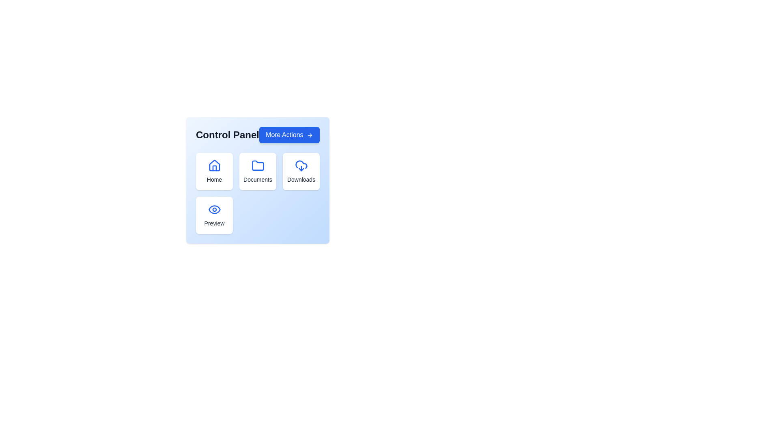 Image resolution: width=779 pixels, height=438 pixels. What do you see at coordinates (257, 165) in the screenshot?
I see `the folder icon representing the 'Documents' section` at bounding box center [257, 165].